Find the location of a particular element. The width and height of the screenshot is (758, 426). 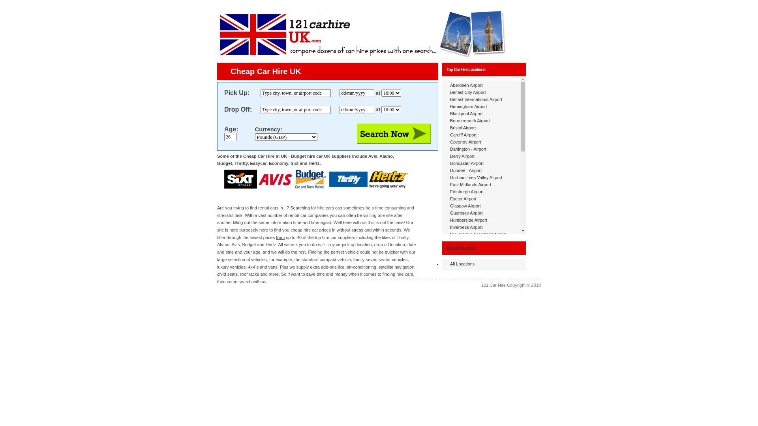

'Inverness Airport' is located at coordinates (466, 227).